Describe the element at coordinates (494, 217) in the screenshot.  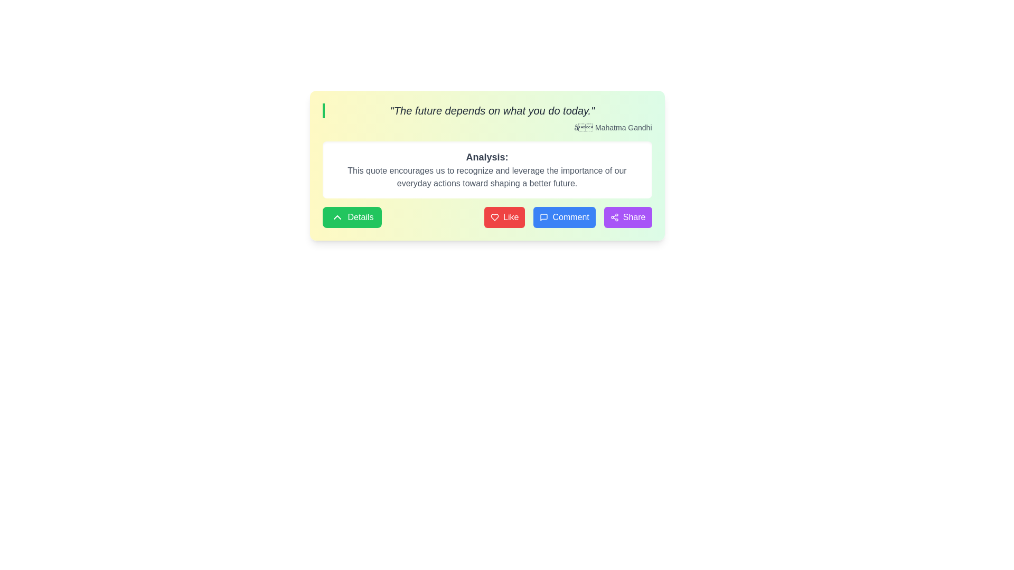
I see `the heart icon to the left of the 'Like' text for a tooltip` at that location.